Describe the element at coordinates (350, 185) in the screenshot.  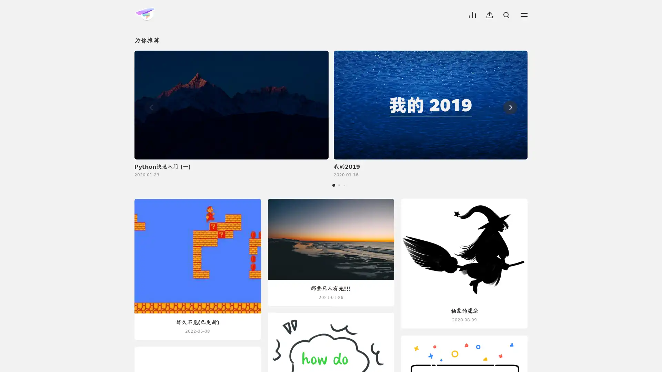
I see `Go to slide 4` at that location.